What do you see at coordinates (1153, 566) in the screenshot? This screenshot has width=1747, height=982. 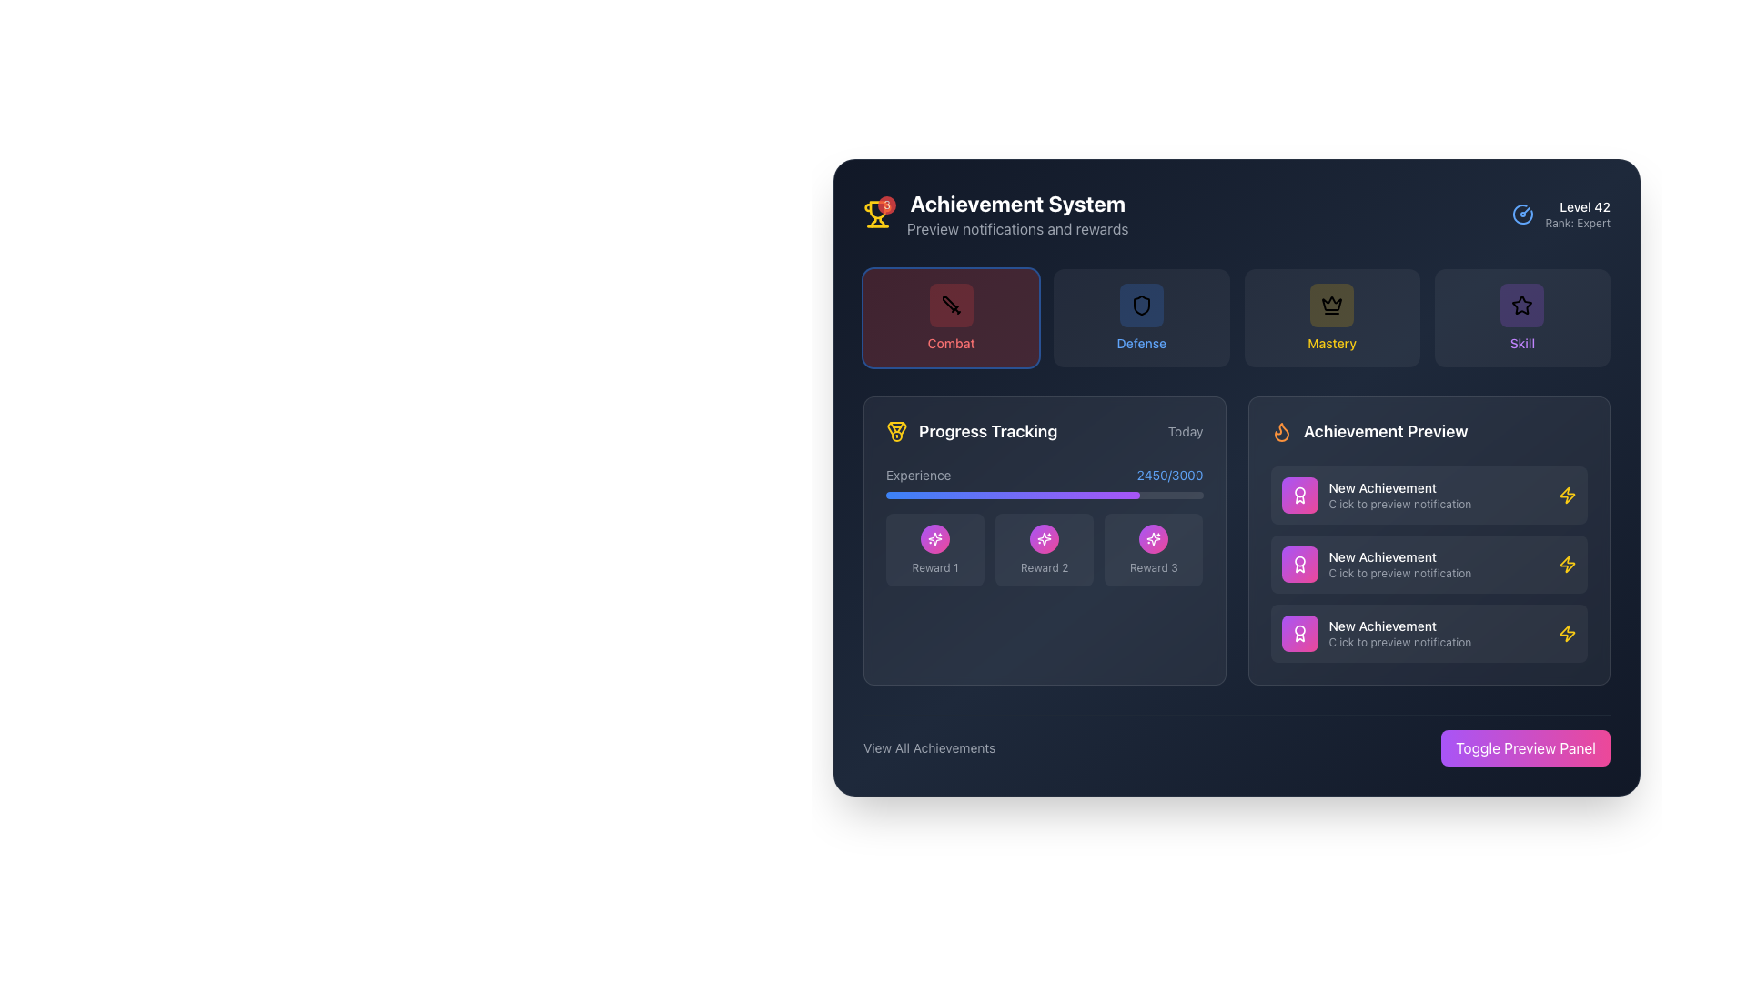 I see `the text label displaying 'Reward 3', which is styled in a small gray font and positioned under a circular icon in the 'Progress Tracking' section of the card` at bounding box center [1153, 566].